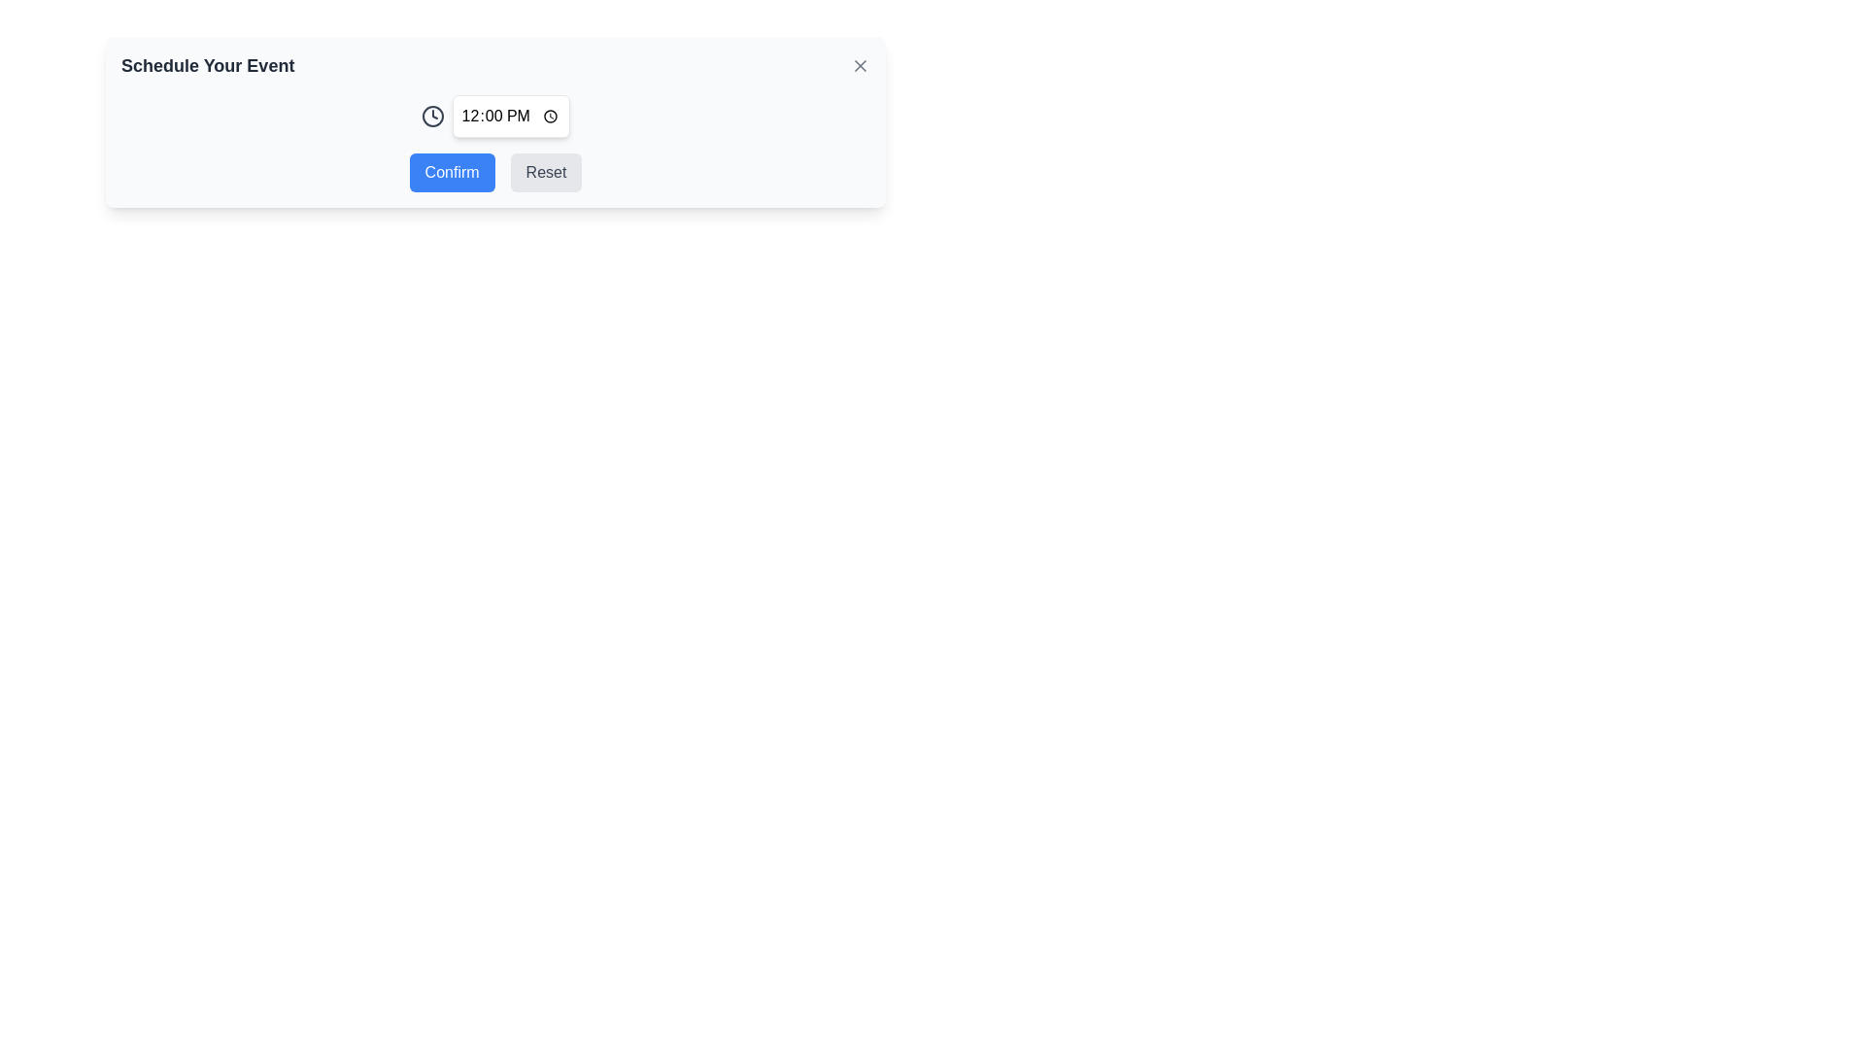 Image resolution: width=1865 pixels, height=1049 pixels. Describe the element at coordinates (860, 65) in the screenshot. I see `the close or cancel icon located in the top-right corner of the 'Schedule Your Event' card layout` at that location.